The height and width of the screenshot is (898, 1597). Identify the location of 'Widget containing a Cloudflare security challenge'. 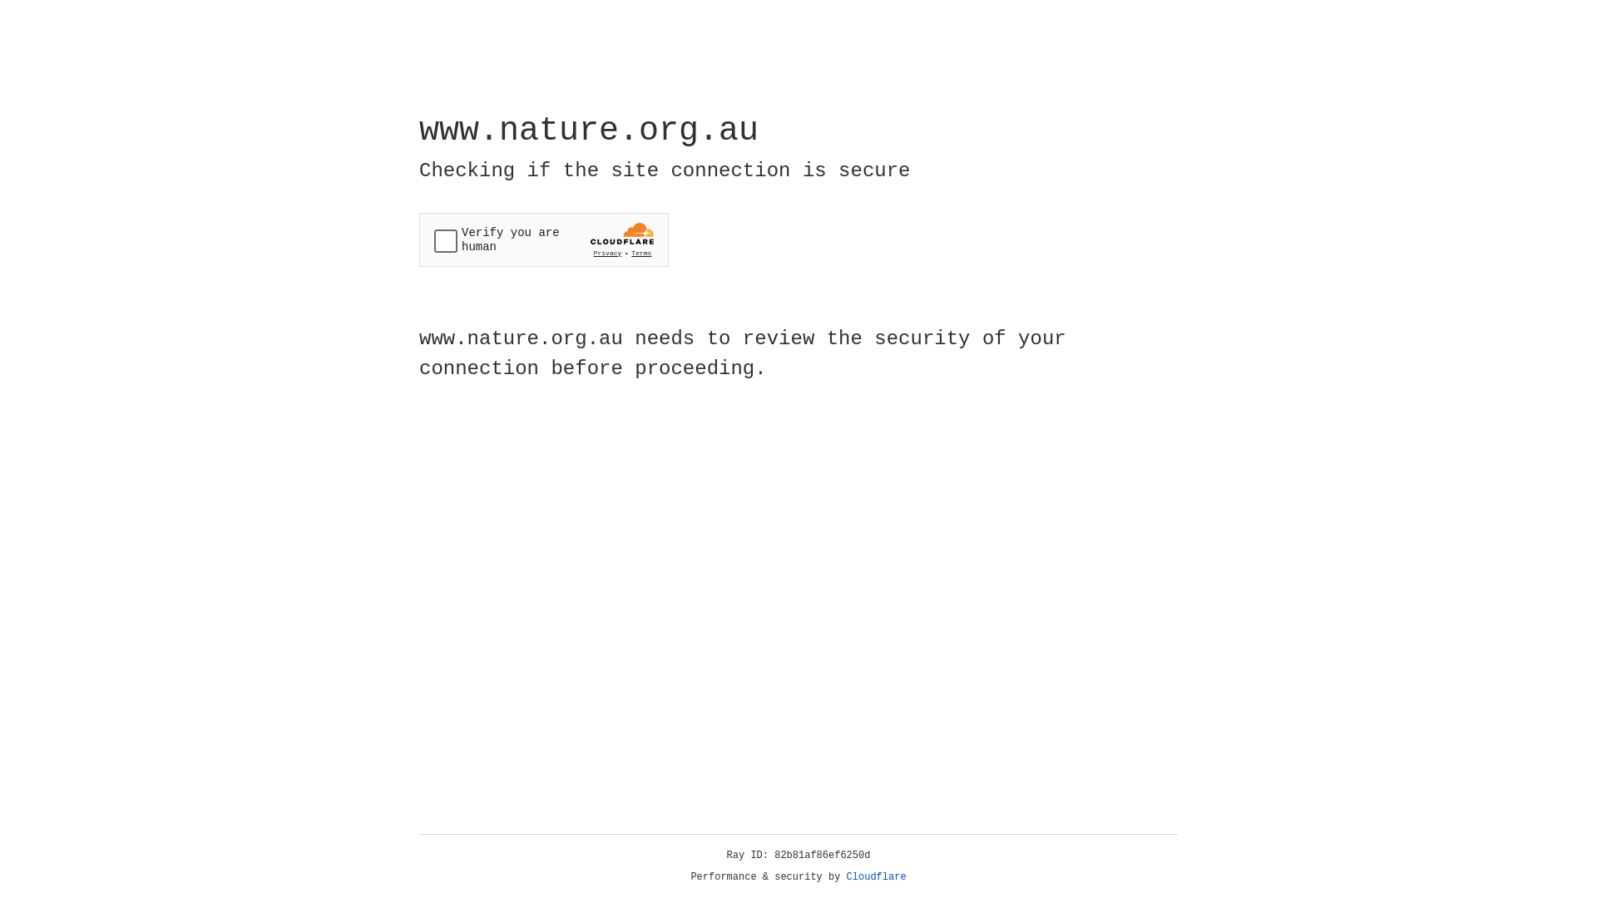
(543, 239).